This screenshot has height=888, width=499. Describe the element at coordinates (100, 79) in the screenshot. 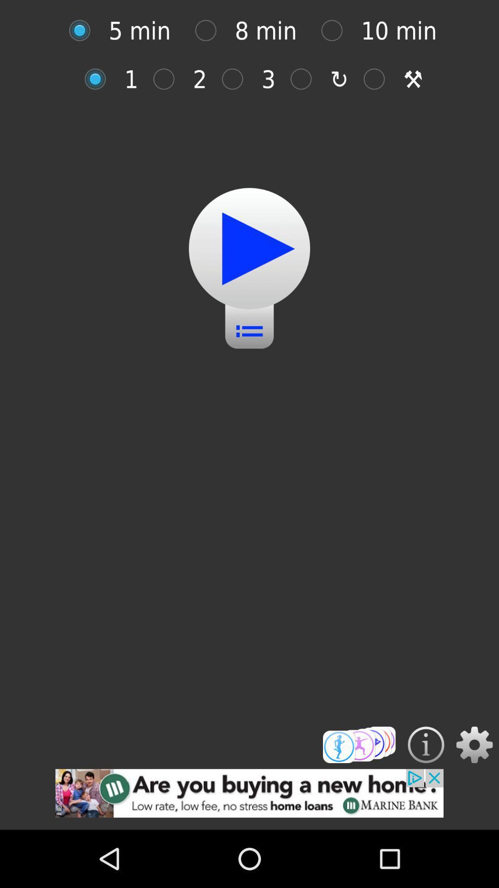

I see `record option` at that location.